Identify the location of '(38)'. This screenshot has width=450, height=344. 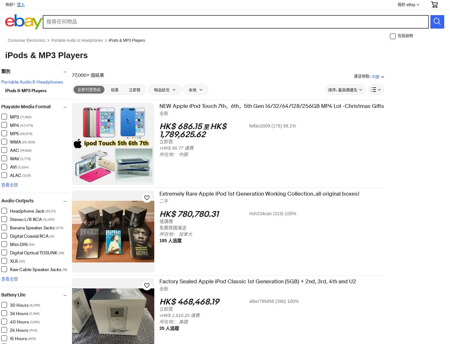
(65, 252).